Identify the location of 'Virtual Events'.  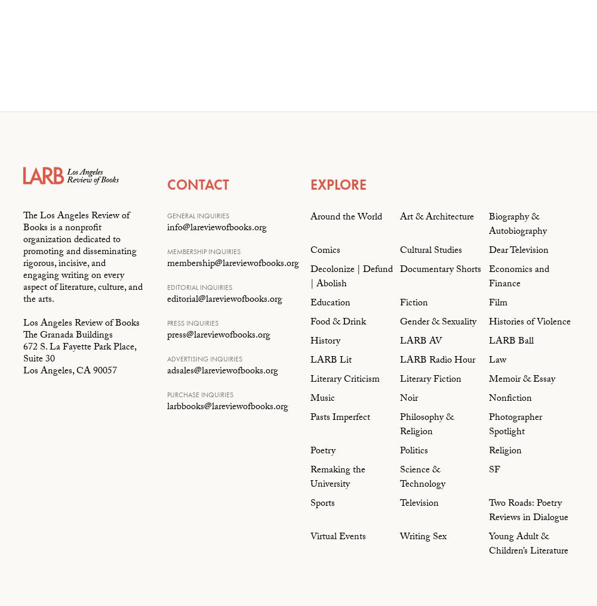
(337, 537).